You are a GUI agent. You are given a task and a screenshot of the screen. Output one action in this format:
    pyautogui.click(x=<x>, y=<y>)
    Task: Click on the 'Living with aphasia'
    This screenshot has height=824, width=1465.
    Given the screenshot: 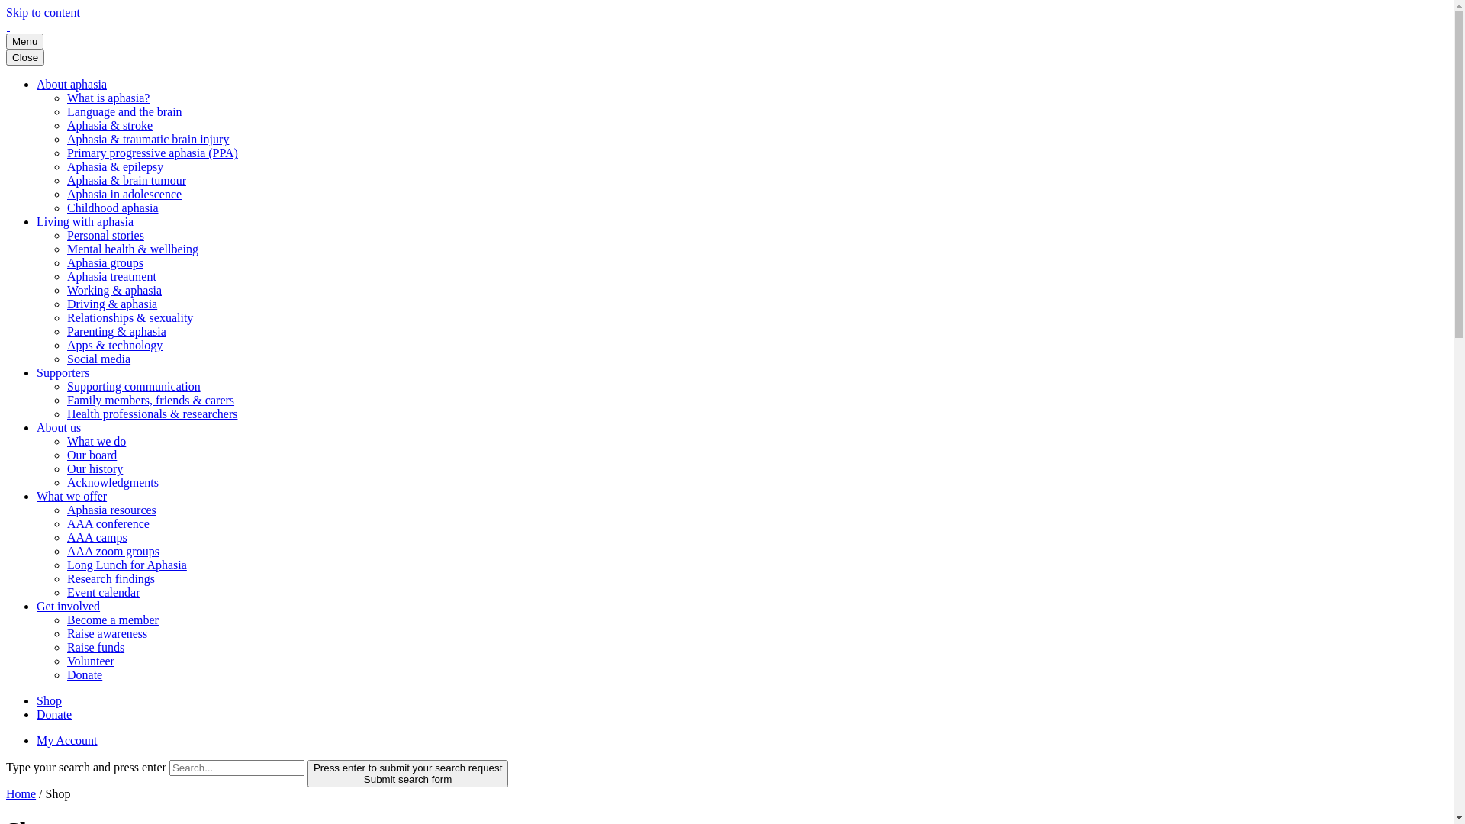 What is the action you would take?
    pyautogui.click(x=84, y=221)
    